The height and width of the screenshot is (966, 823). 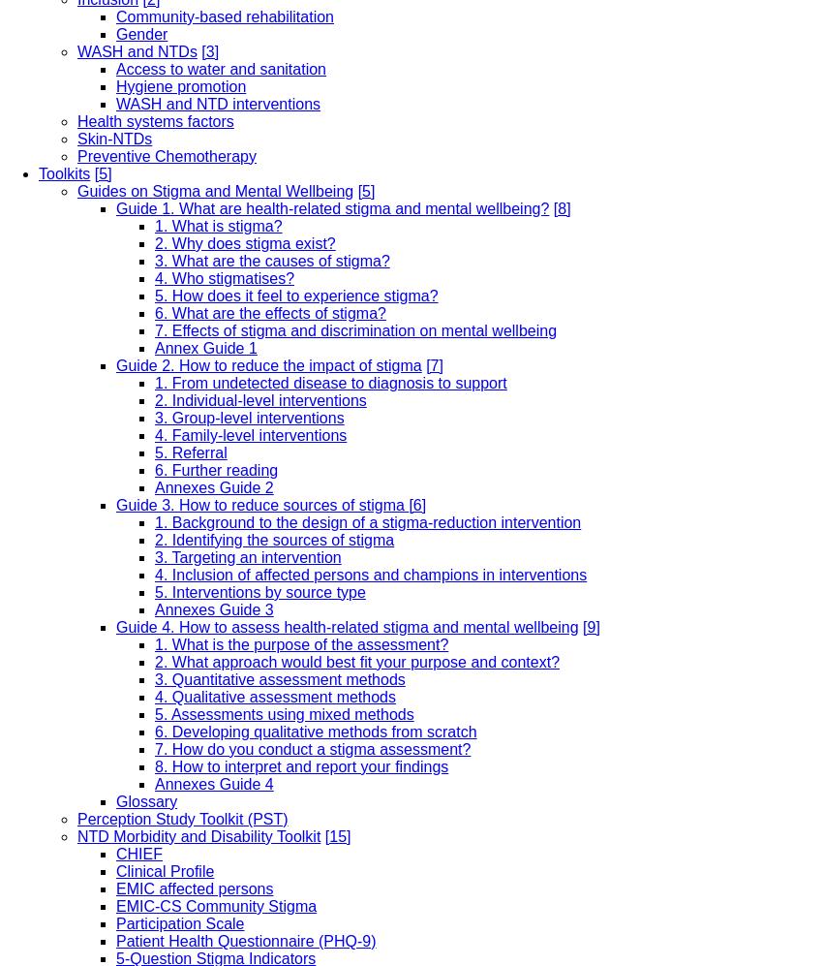 I want to click on 'Guide 2. How to reduce the impact of stigma', so click(x=267, y=364).